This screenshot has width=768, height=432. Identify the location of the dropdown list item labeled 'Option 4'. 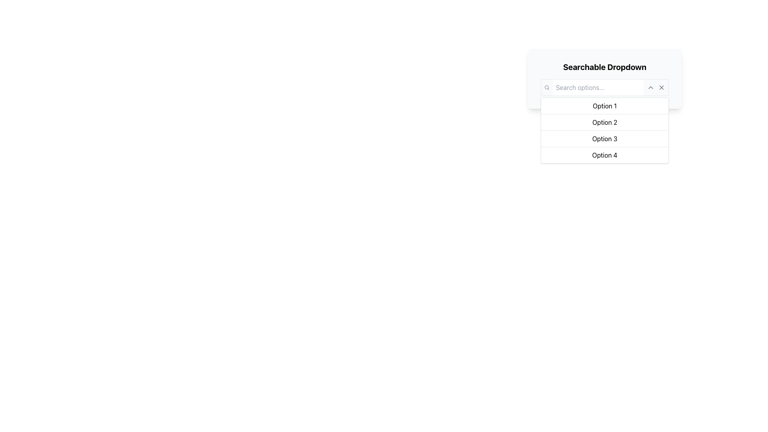
(605, 155).